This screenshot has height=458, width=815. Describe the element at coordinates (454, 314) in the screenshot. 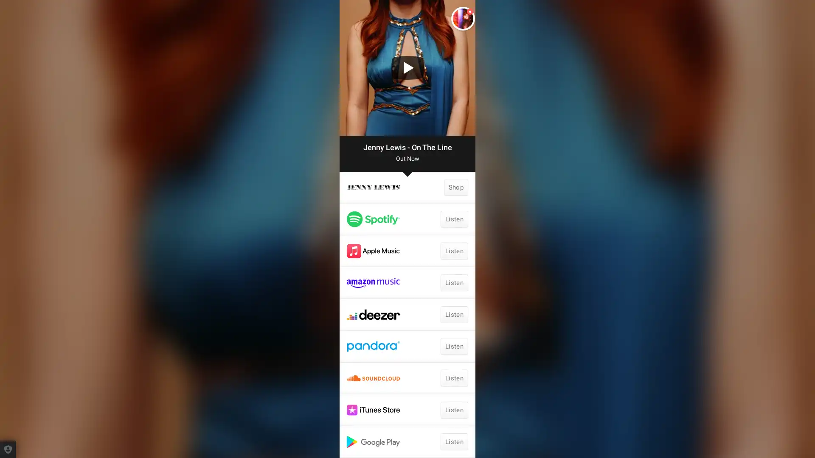

I see `Listen` at that location.